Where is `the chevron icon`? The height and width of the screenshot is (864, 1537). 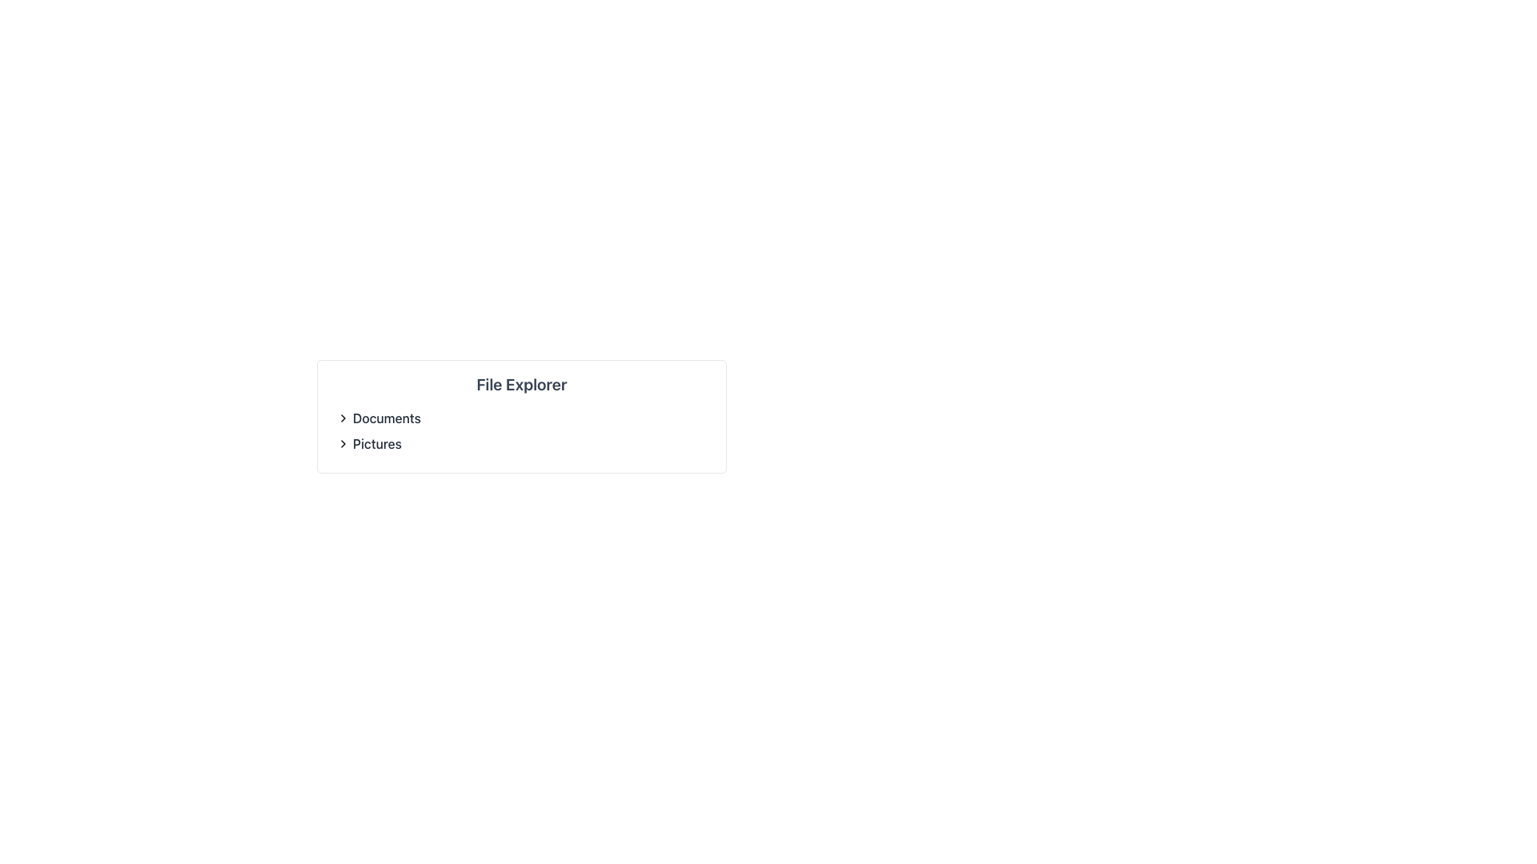
the chevron icon is located at coordinates (342, 418).